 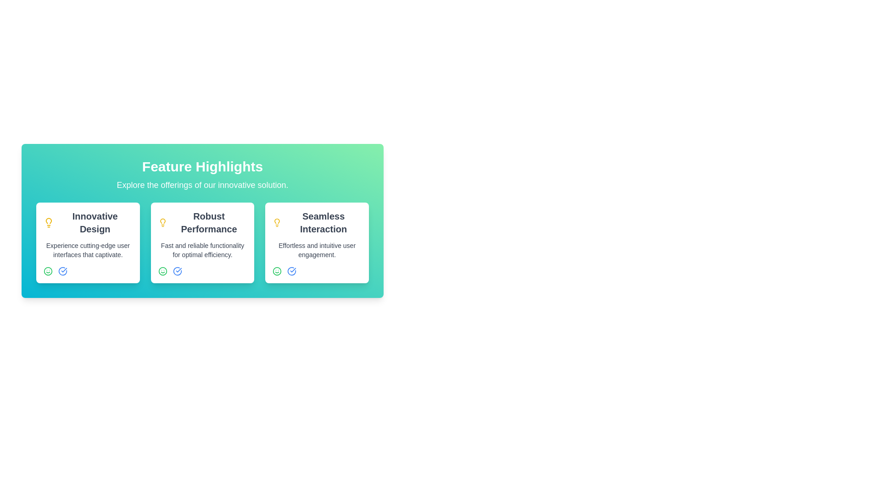 I want to click on the circular icon in the 'Robust Performance' card, which is outlined and modern in style, located below the main text content, so click(x=177, y=270).